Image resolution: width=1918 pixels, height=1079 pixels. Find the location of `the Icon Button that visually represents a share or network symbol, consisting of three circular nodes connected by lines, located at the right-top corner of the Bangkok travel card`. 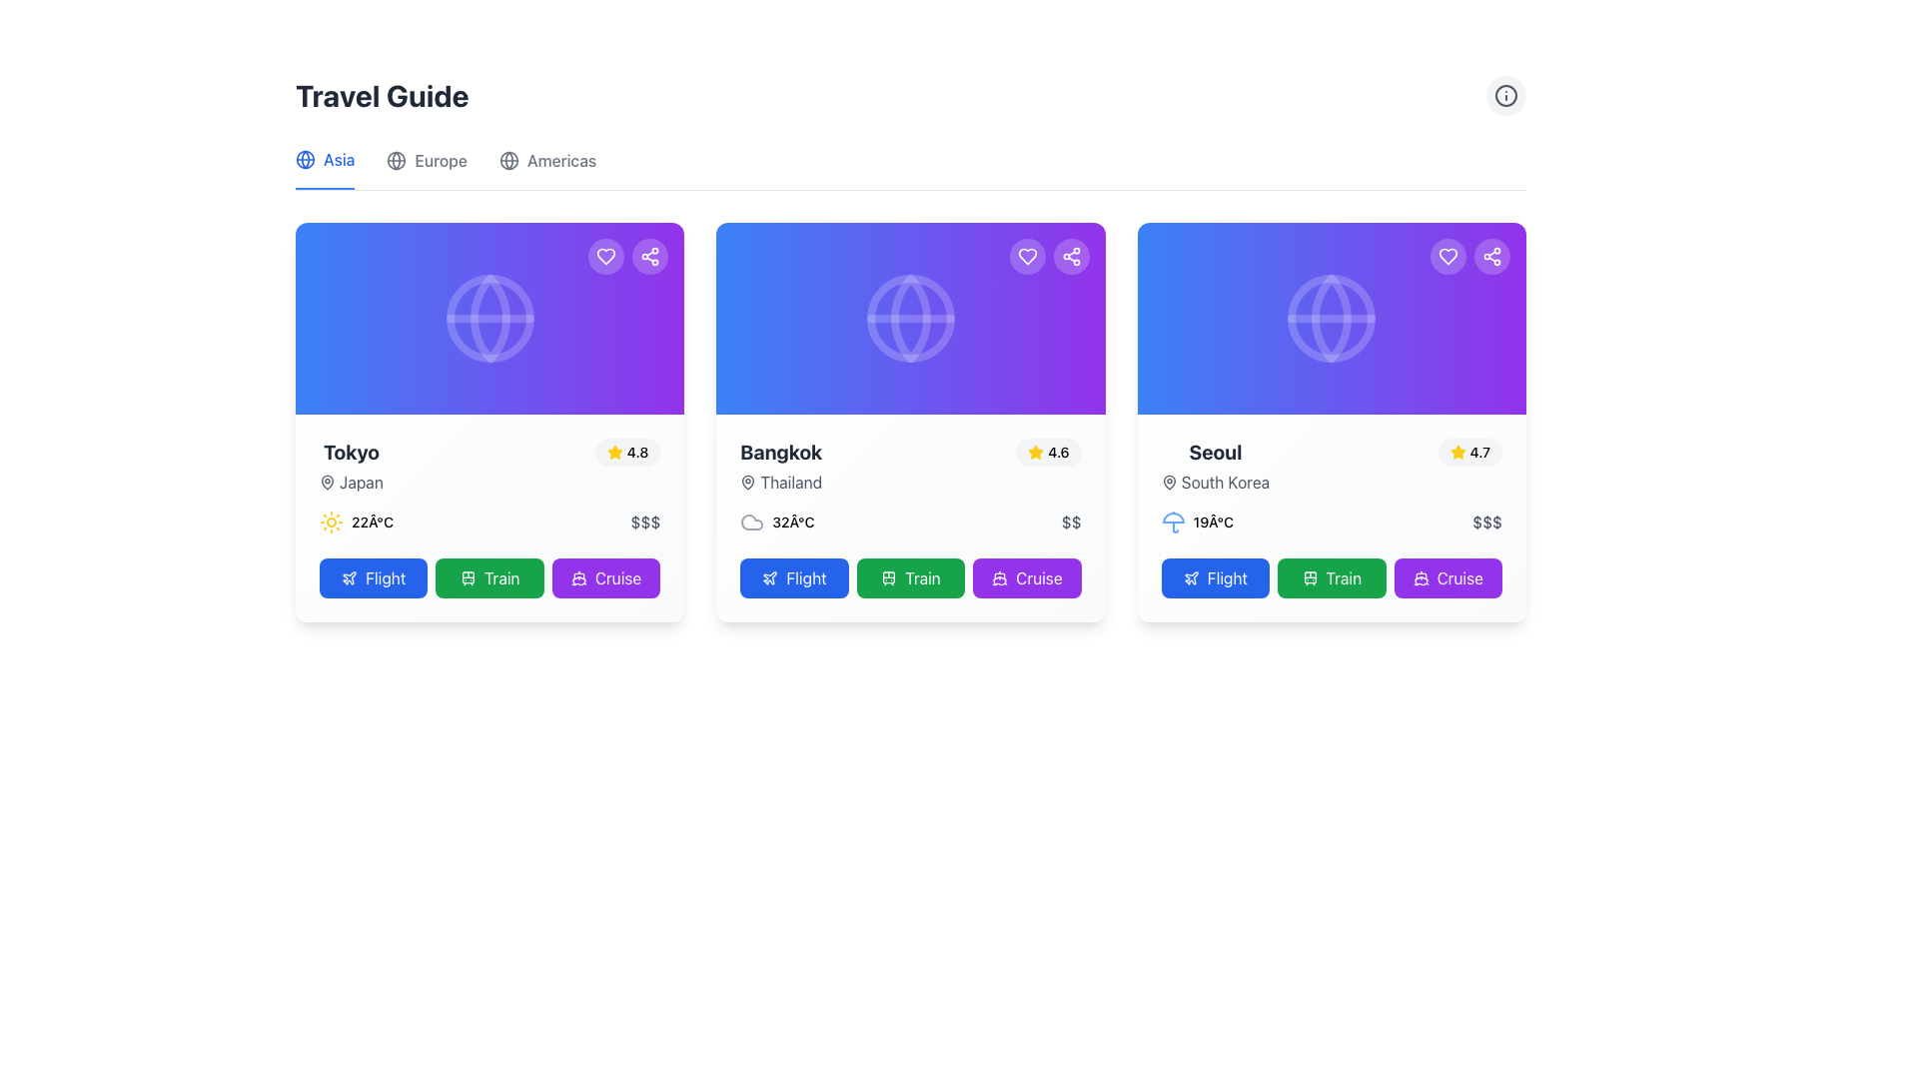

the Icon Button that visually represents a share or network symbol, consisting of three circular nodes connected by lines, located at the right-top corner of the Bangkok travel card is located at coordinates (650, 256).